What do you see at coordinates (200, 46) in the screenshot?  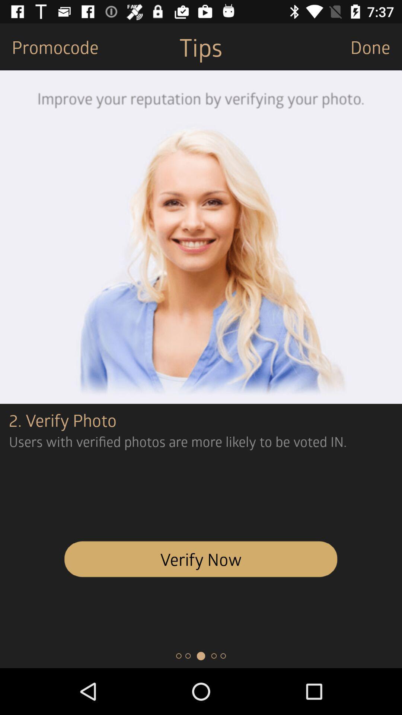 I see `icon next to promocode item` at bounding box center [200, 46].